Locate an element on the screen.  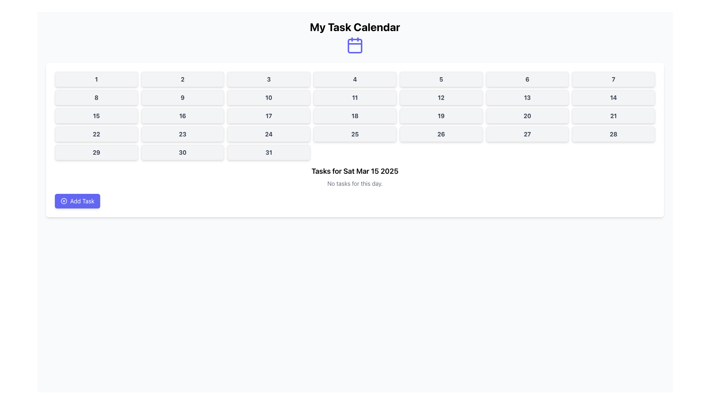
the button representing the day numbered '15' on the calendar interface is located at coordinates (96, 115).